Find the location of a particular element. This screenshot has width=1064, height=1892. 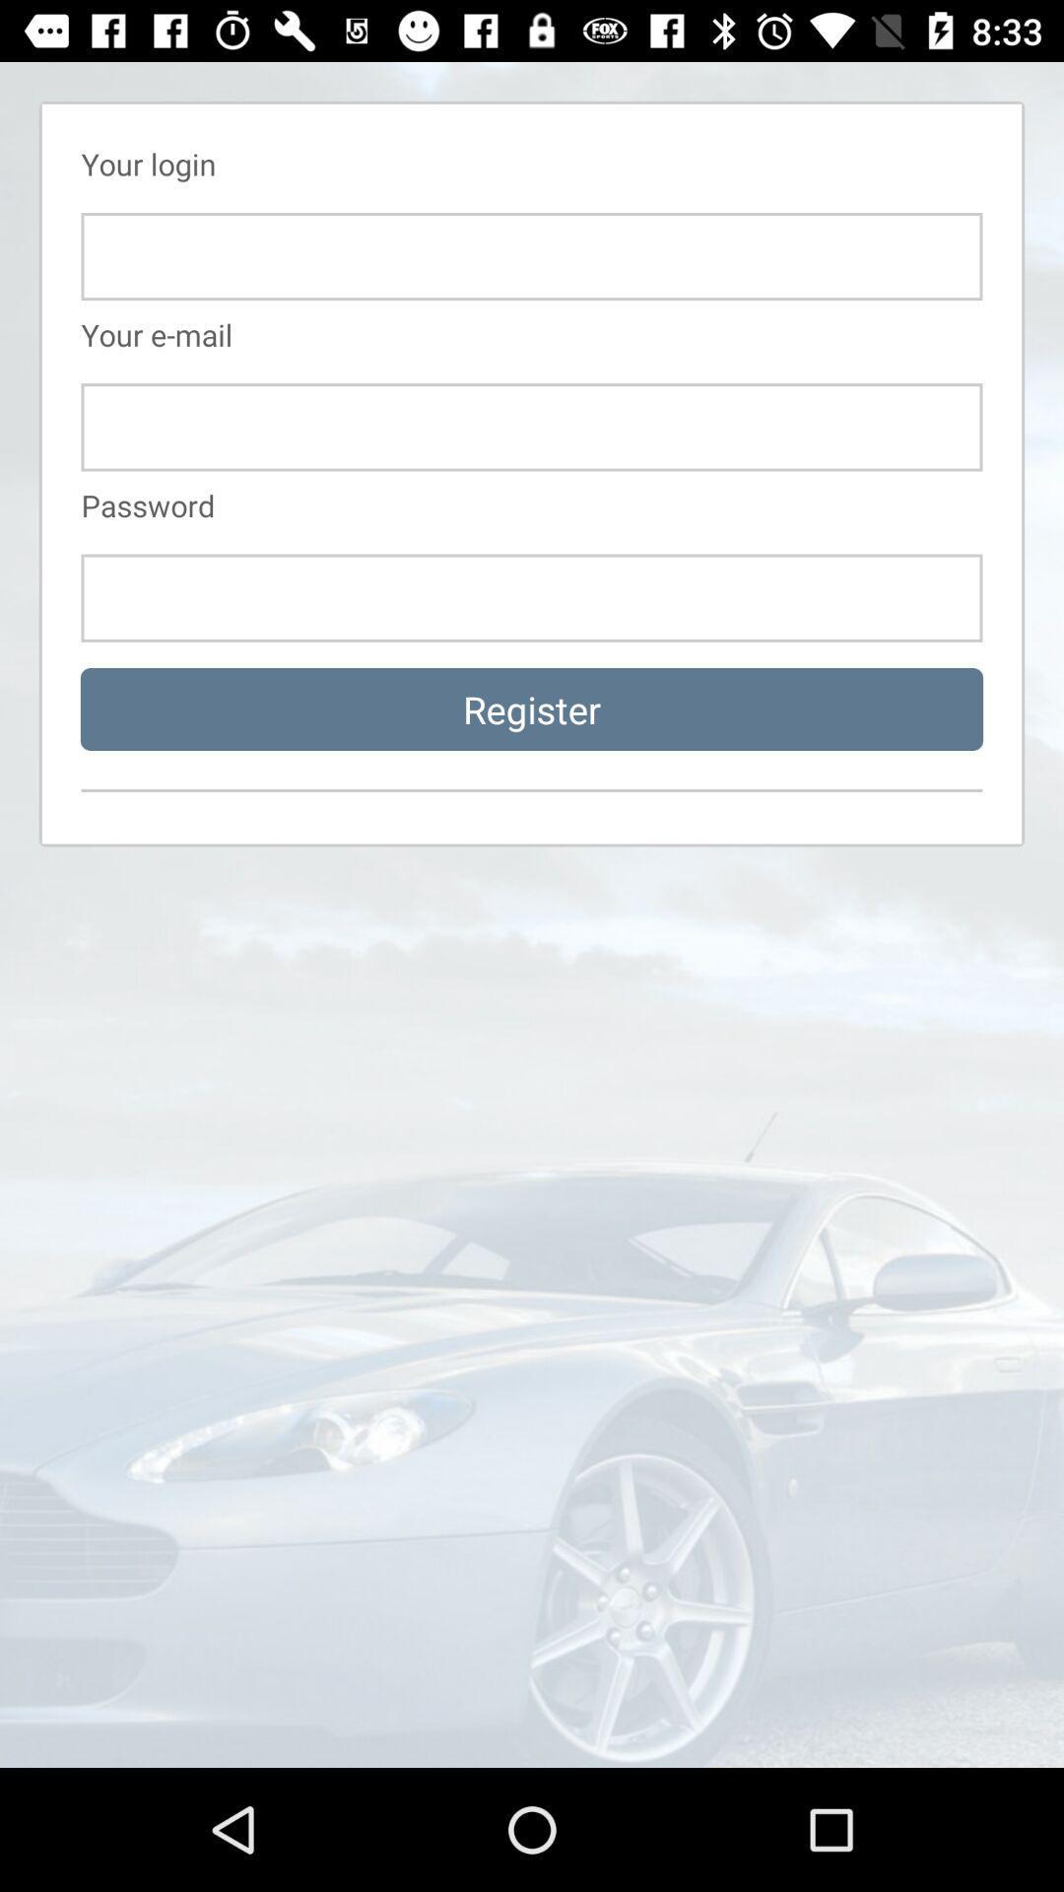

login information name is located at coordinates (532, 255).